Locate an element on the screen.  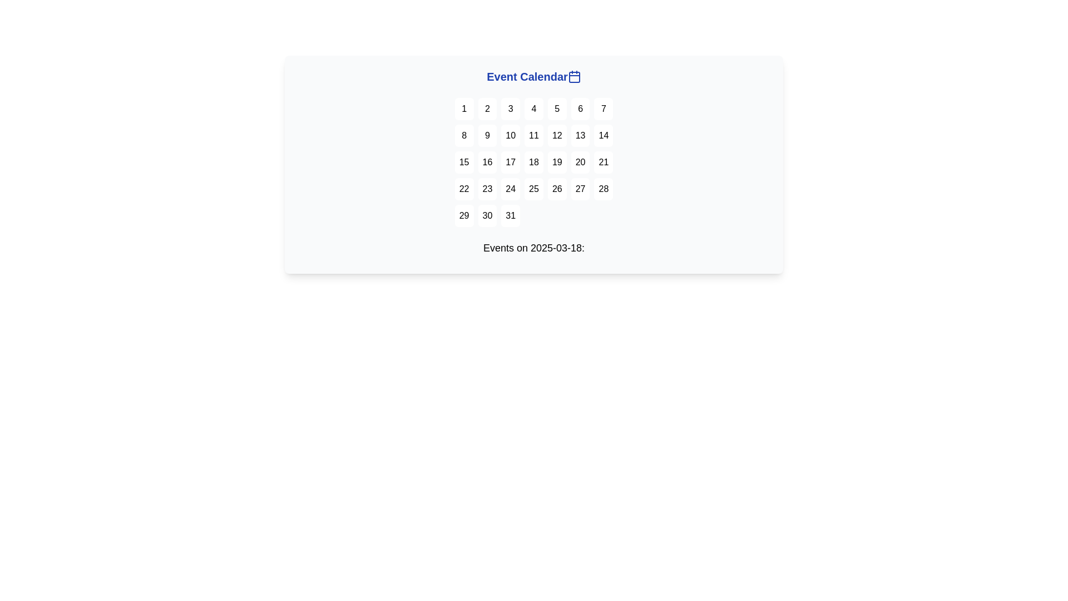
the selectable day button representing the 14th day is located at coordinates (603, 135).